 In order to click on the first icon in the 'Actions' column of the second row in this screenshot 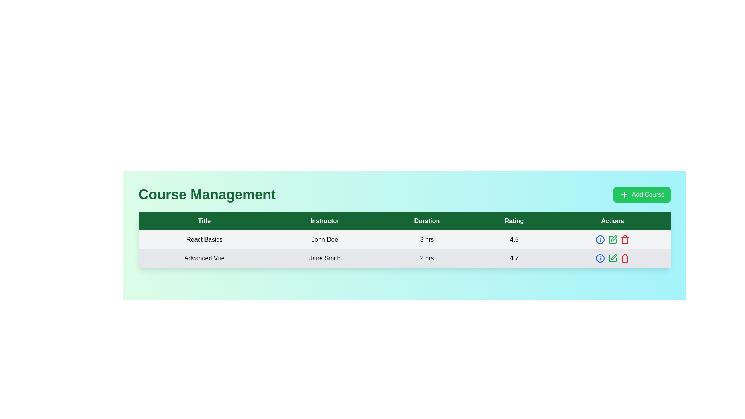, I will do `click(599, 258)`.